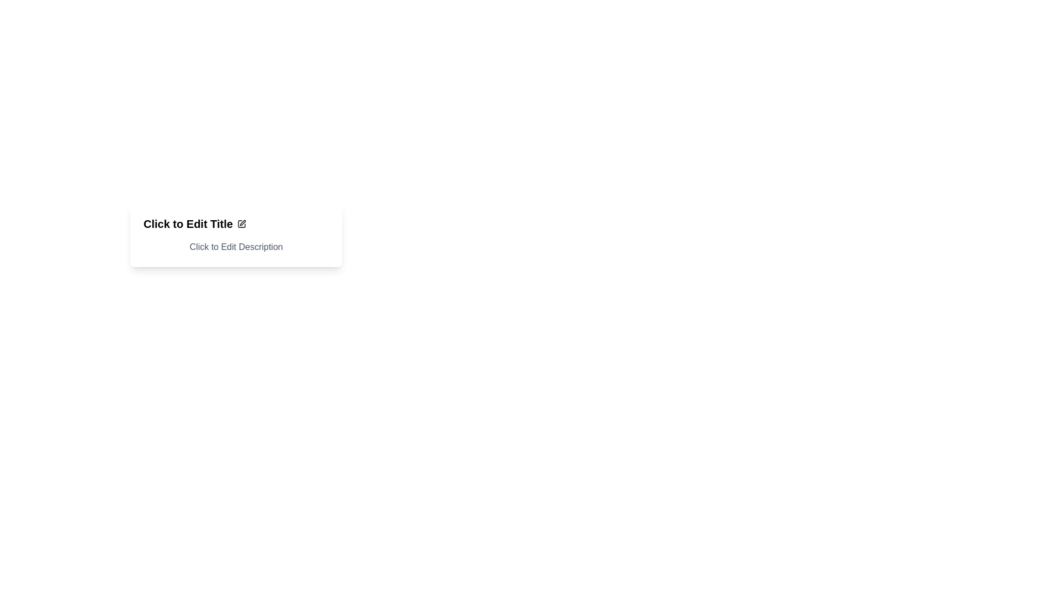 Image resolution: width=1060 pixels, height=596 pixels. I want to click on the pen icon next to the 'Click, so click(235, 223).